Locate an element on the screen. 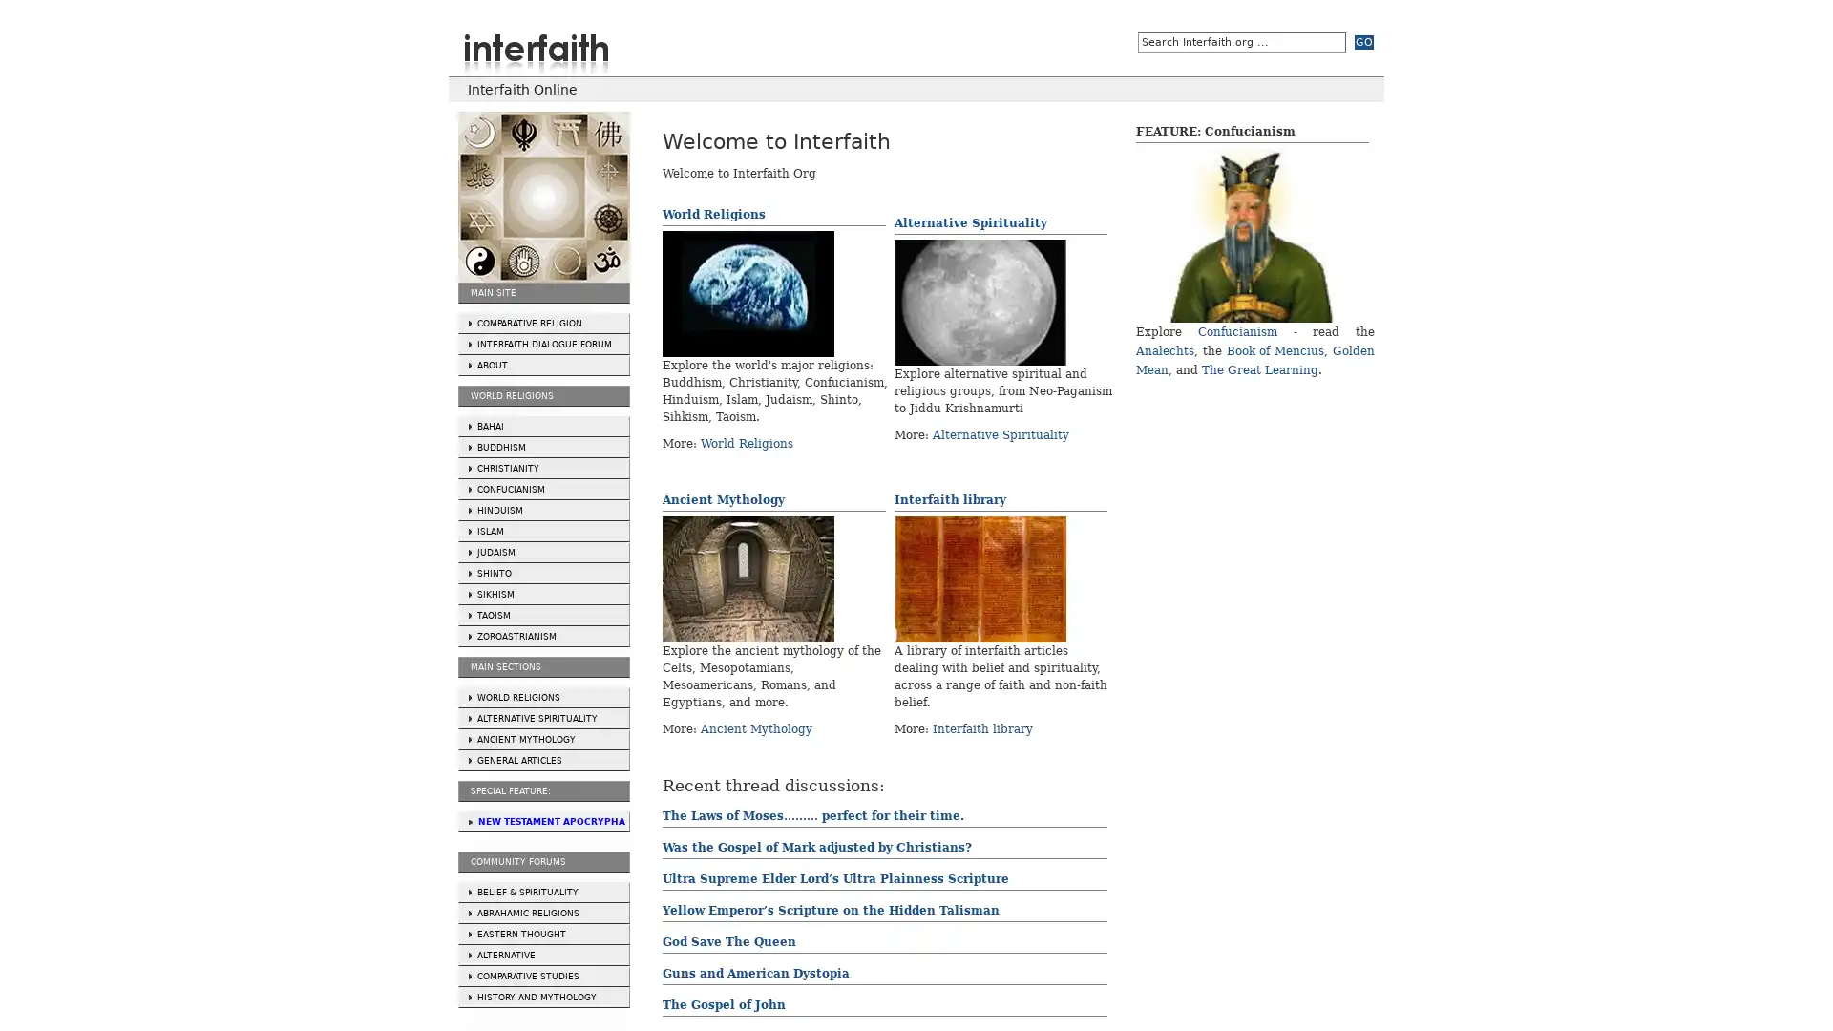 Image resolution: width=1833 pixels, height=1031 pixels. GO is located at coordinates (1363, 42).